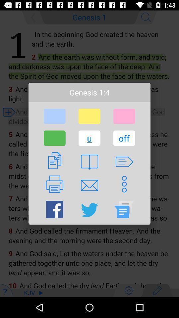 The image size is (179, 318). I want to click on item below genesis 1:4 item, so click(89, 116).